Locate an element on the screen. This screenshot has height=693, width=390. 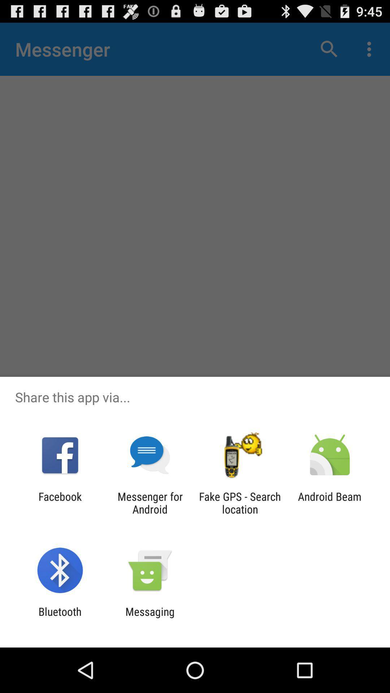
the item next to the bluetooth is located at coordinates (149, 618).